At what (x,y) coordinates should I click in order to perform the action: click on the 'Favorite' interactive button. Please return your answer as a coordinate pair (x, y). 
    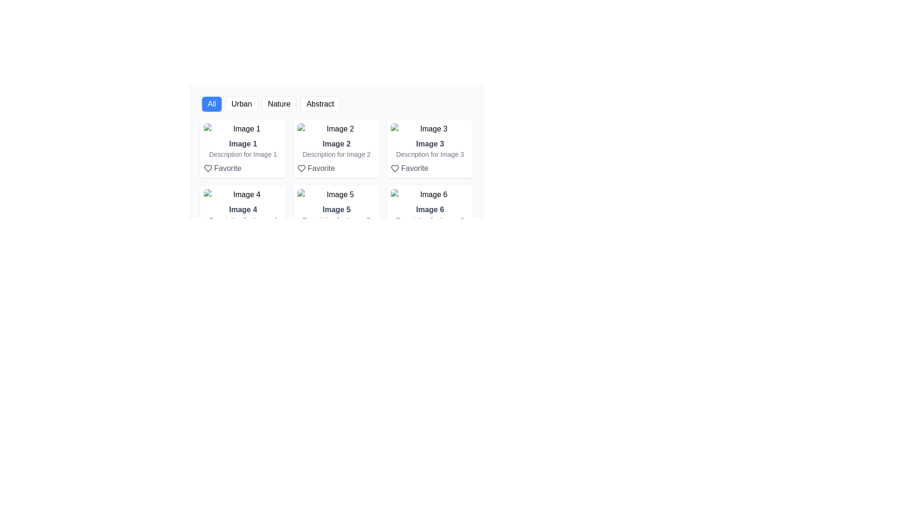
    Looking at the image, I should click on (222, 168).